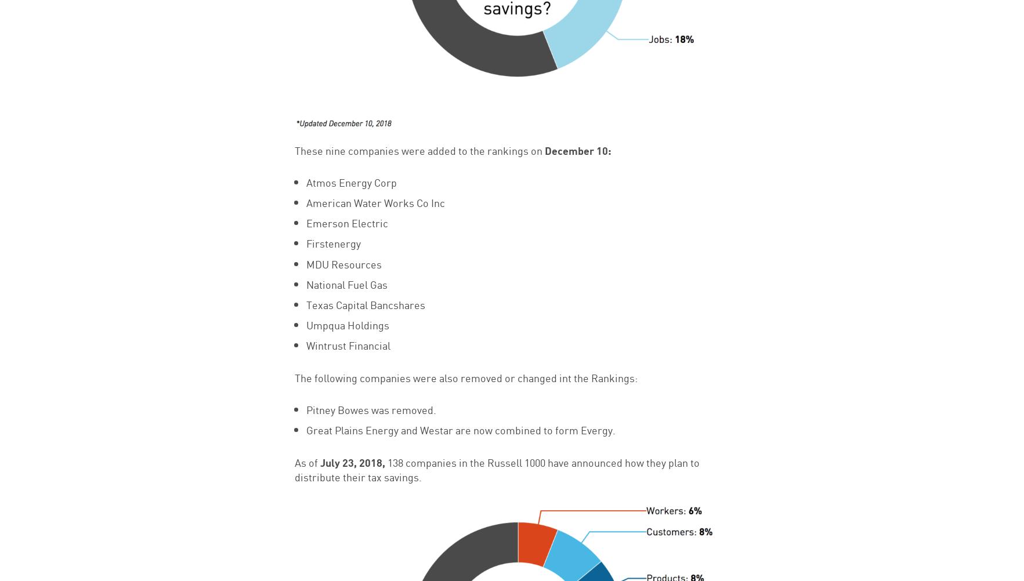  I want to click on 'Pitney Bowes was removed.', so click(370, 409).